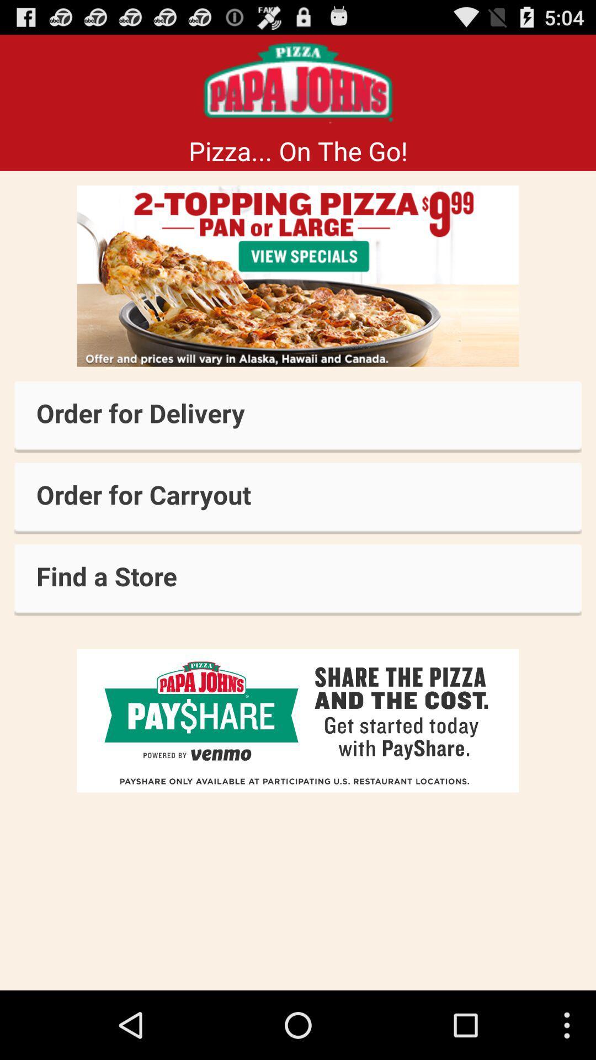 Image resolution: width=596 pixels, height=1060 pixels. I want to click on special, so click(298, 276).